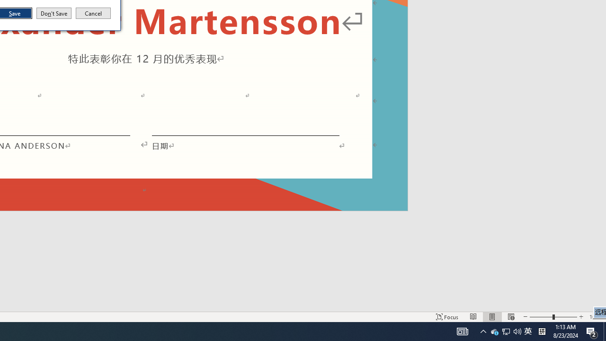  Describe the element at coordinates (580, 317) in the screenshot. I see `'Zoom In'` at that location.